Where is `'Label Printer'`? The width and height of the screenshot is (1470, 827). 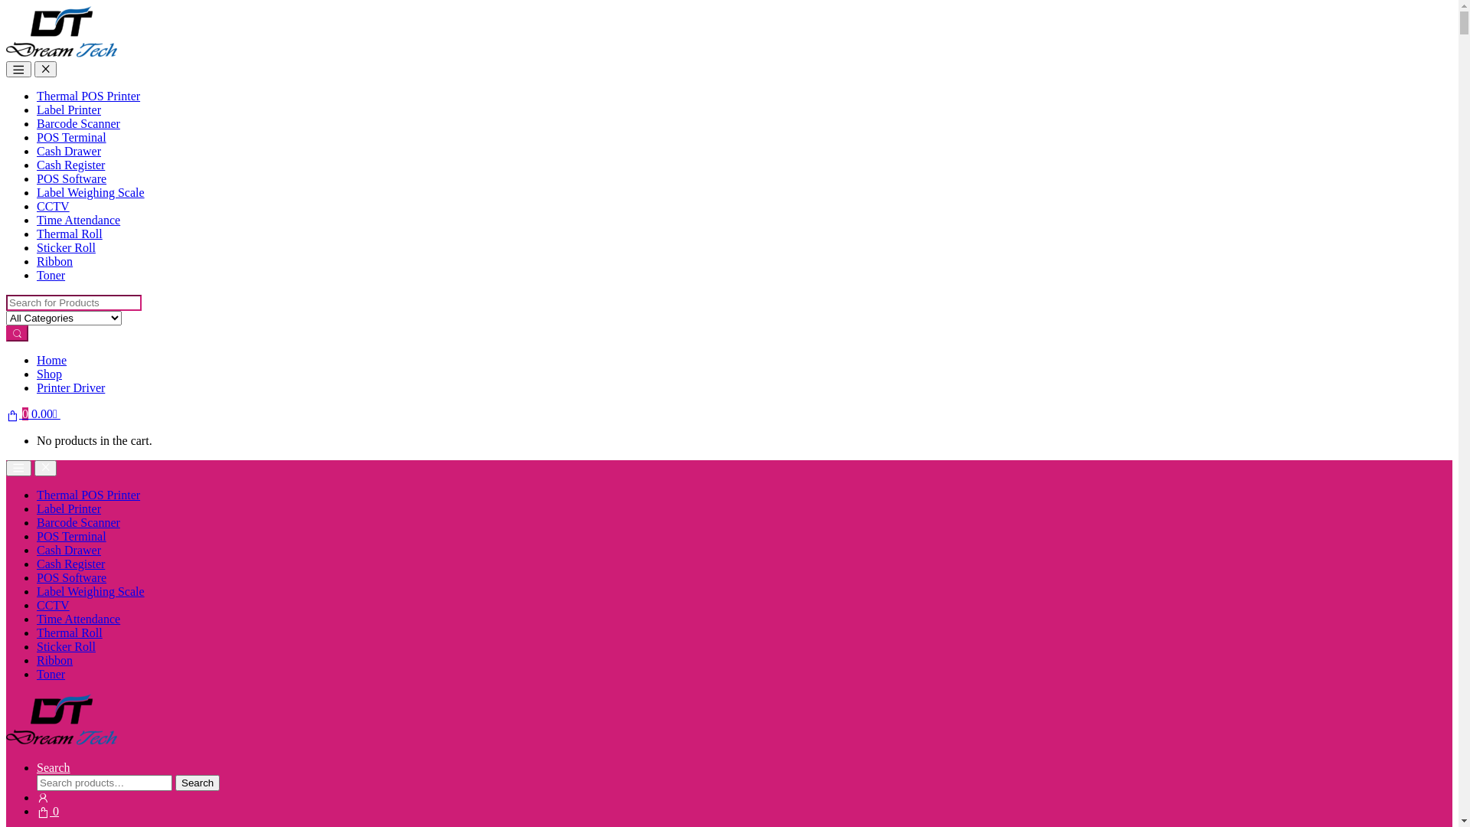
'Label Printer' is located at coordinates (68, 109).